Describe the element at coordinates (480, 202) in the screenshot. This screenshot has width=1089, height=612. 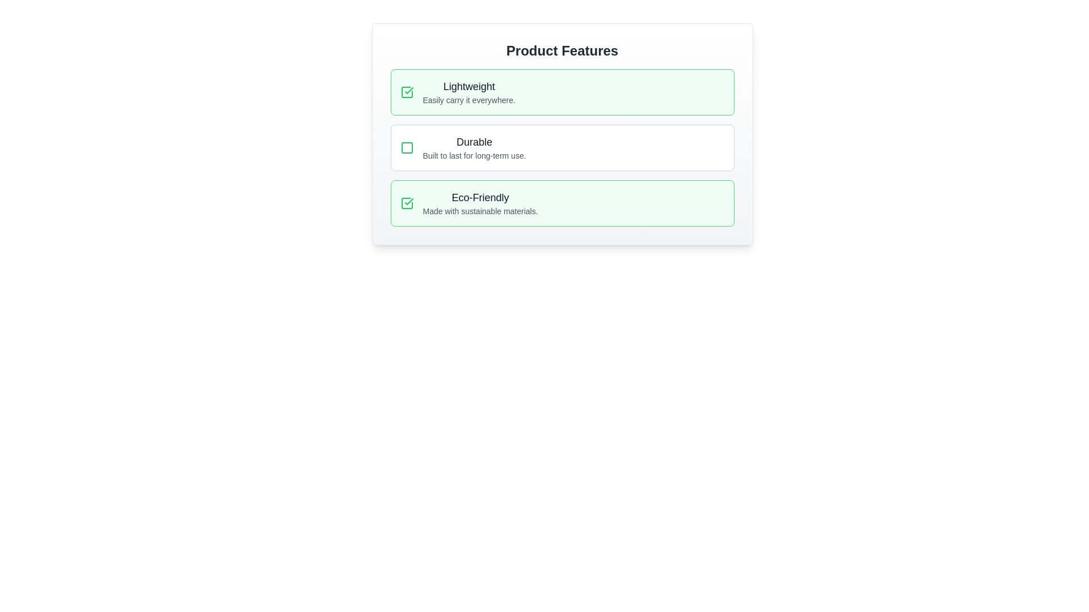
I see `displayed text of the label titled 'Eco-Friendly', which includes the subtitle 'Made with sustainable materials.'` at that location.